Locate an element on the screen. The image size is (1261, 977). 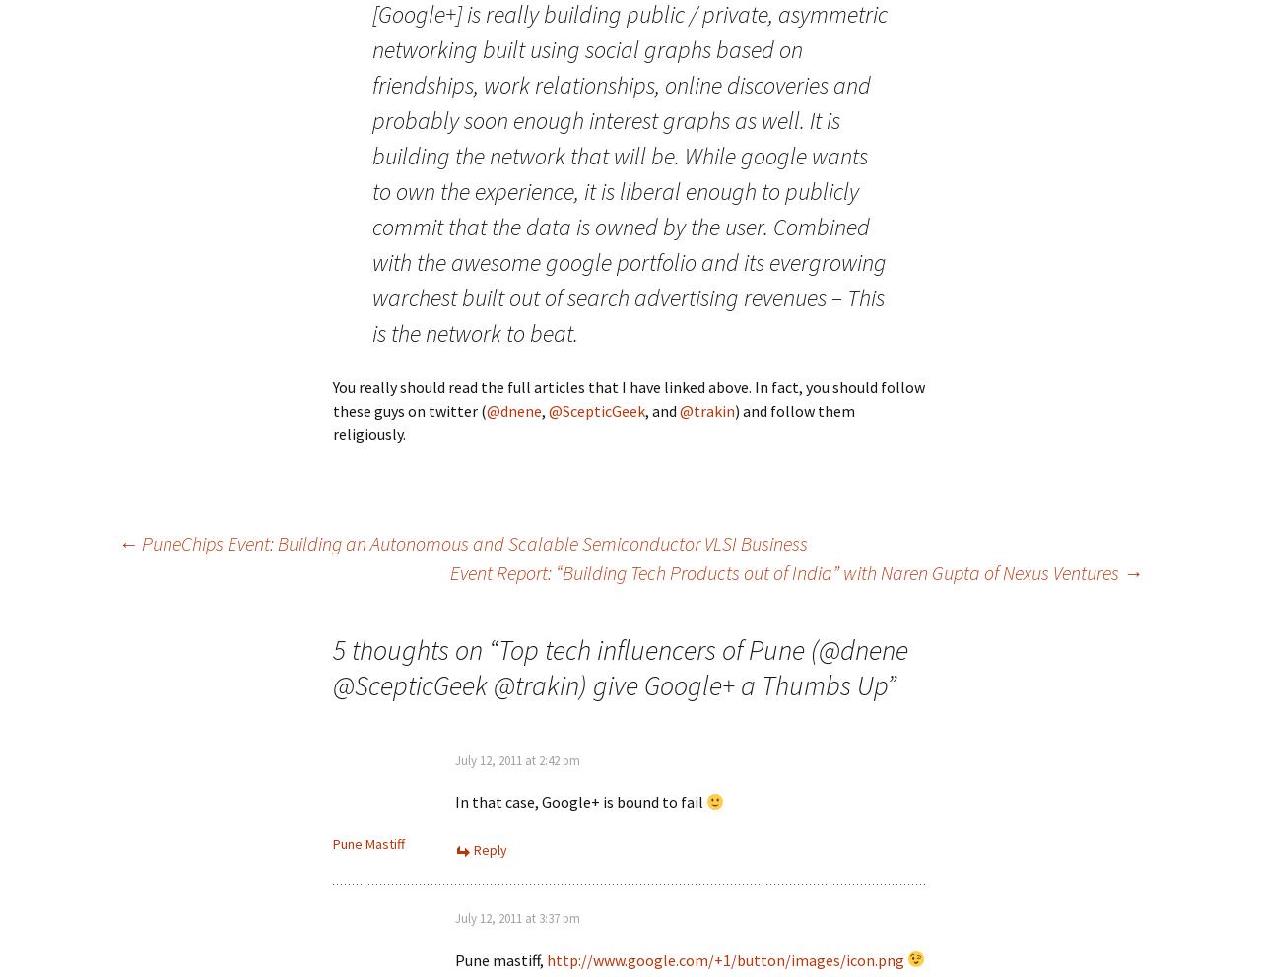
'Reply' is located at coordinates (491, 849).